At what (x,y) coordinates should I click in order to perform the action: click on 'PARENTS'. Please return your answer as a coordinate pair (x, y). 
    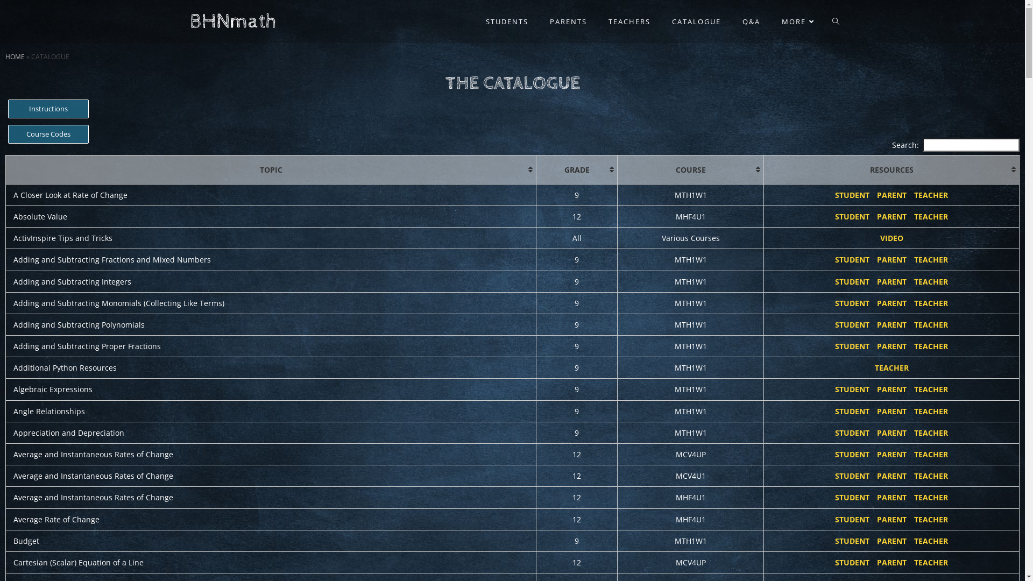
    Looking at the image, I should click on (539, 21).